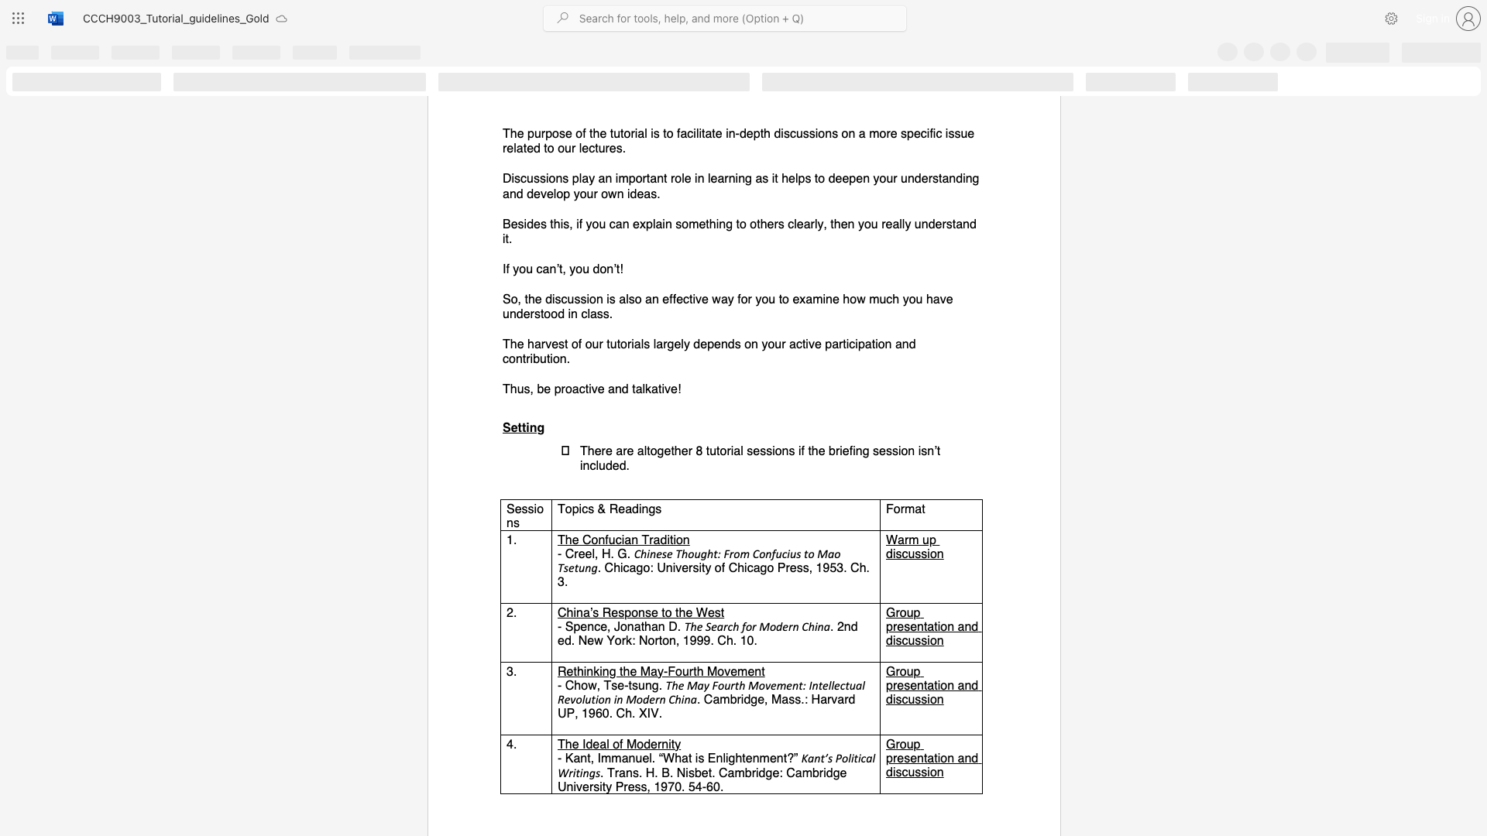  What do you see at coordinates (840, 699) in the screenshot?
I see `the 4th character "a" in the text` at bounding box center [840, 699].